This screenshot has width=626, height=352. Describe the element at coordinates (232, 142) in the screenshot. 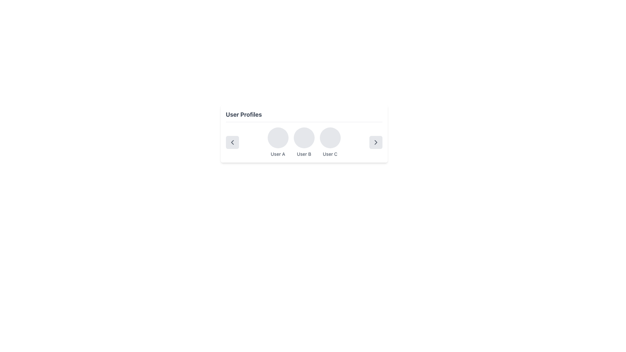

I see `the circular button with a light gray background and a dark gray leftward-pointing chevron icon, located on the far left of the user profiles row` at that location.